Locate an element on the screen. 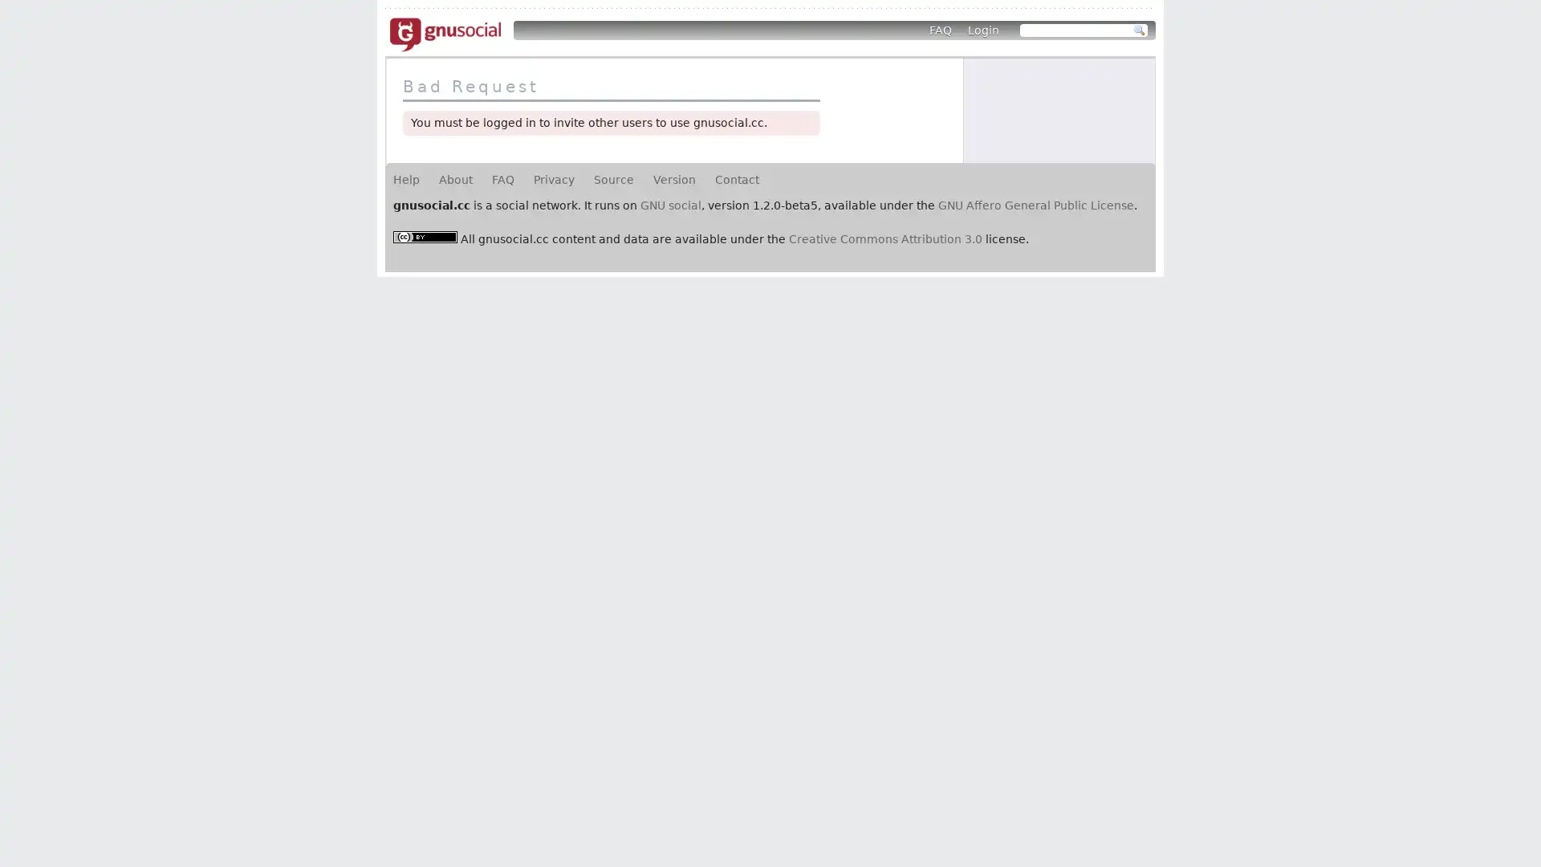 This screenshot has height=867, width=1541. Search is located at coordinates (1139, 31).